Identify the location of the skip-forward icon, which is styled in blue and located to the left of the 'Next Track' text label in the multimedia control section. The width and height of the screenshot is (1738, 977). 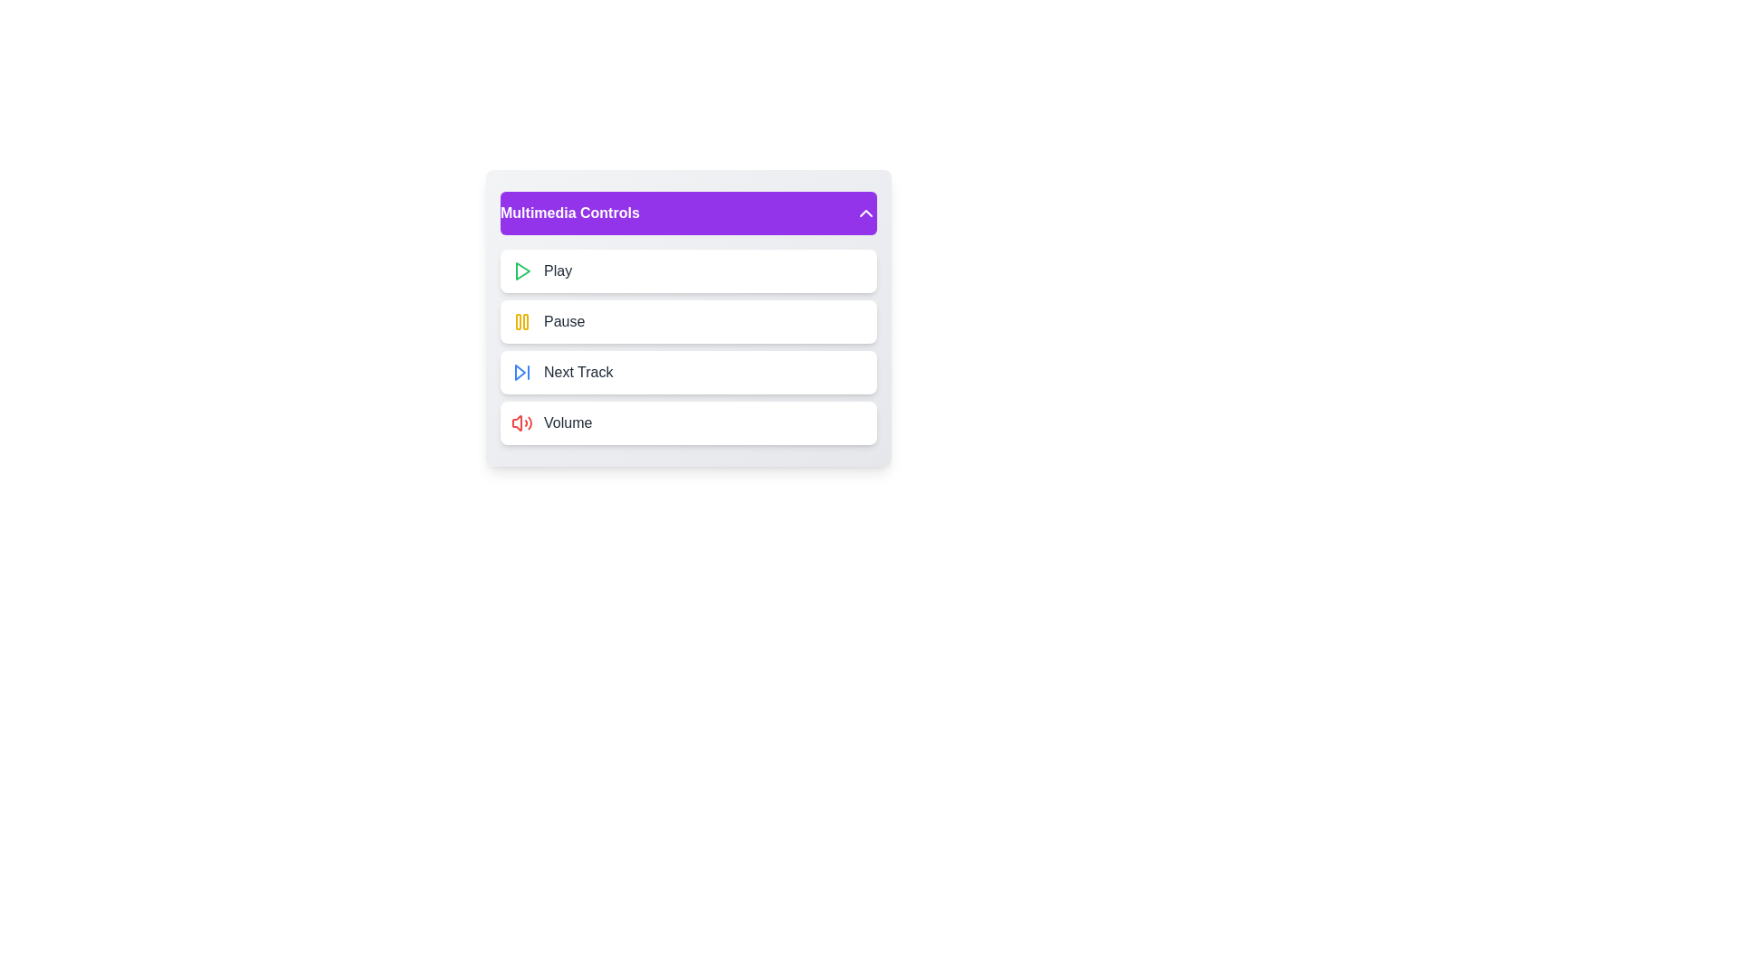
(520, 372).